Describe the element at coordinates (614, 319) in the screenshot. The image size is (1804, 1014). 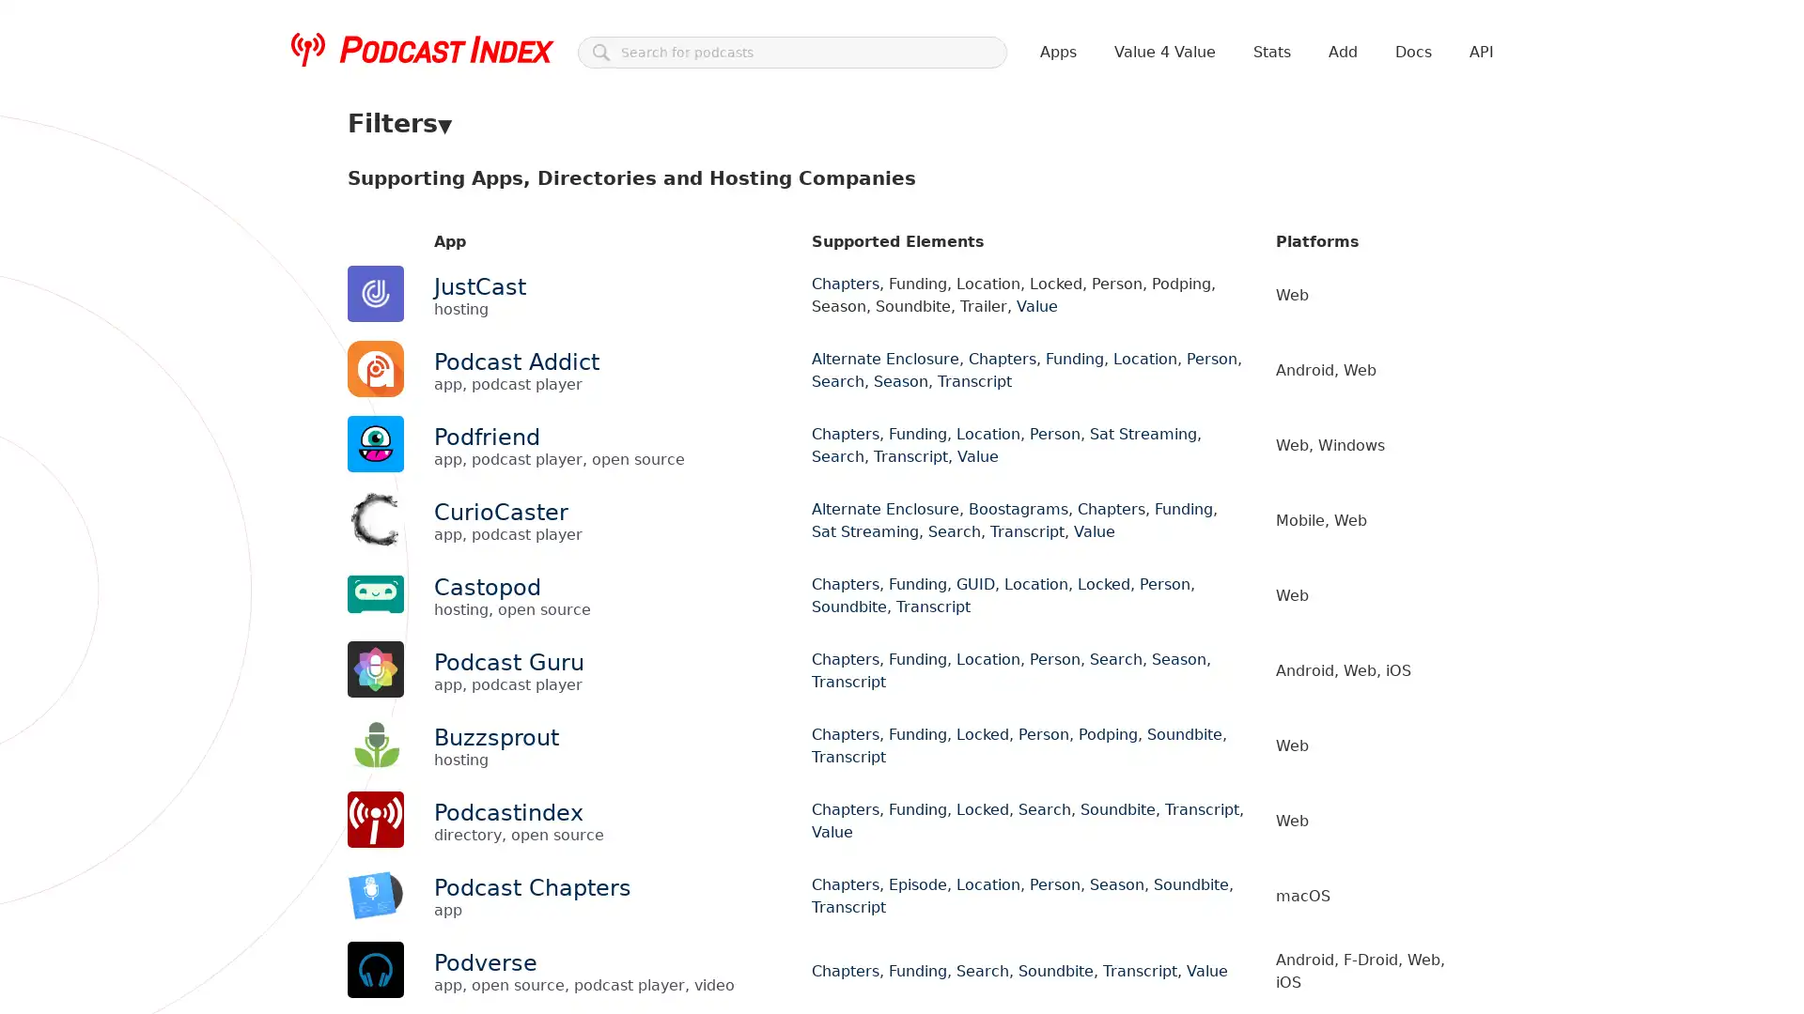
I see `Soundbite` at that location.